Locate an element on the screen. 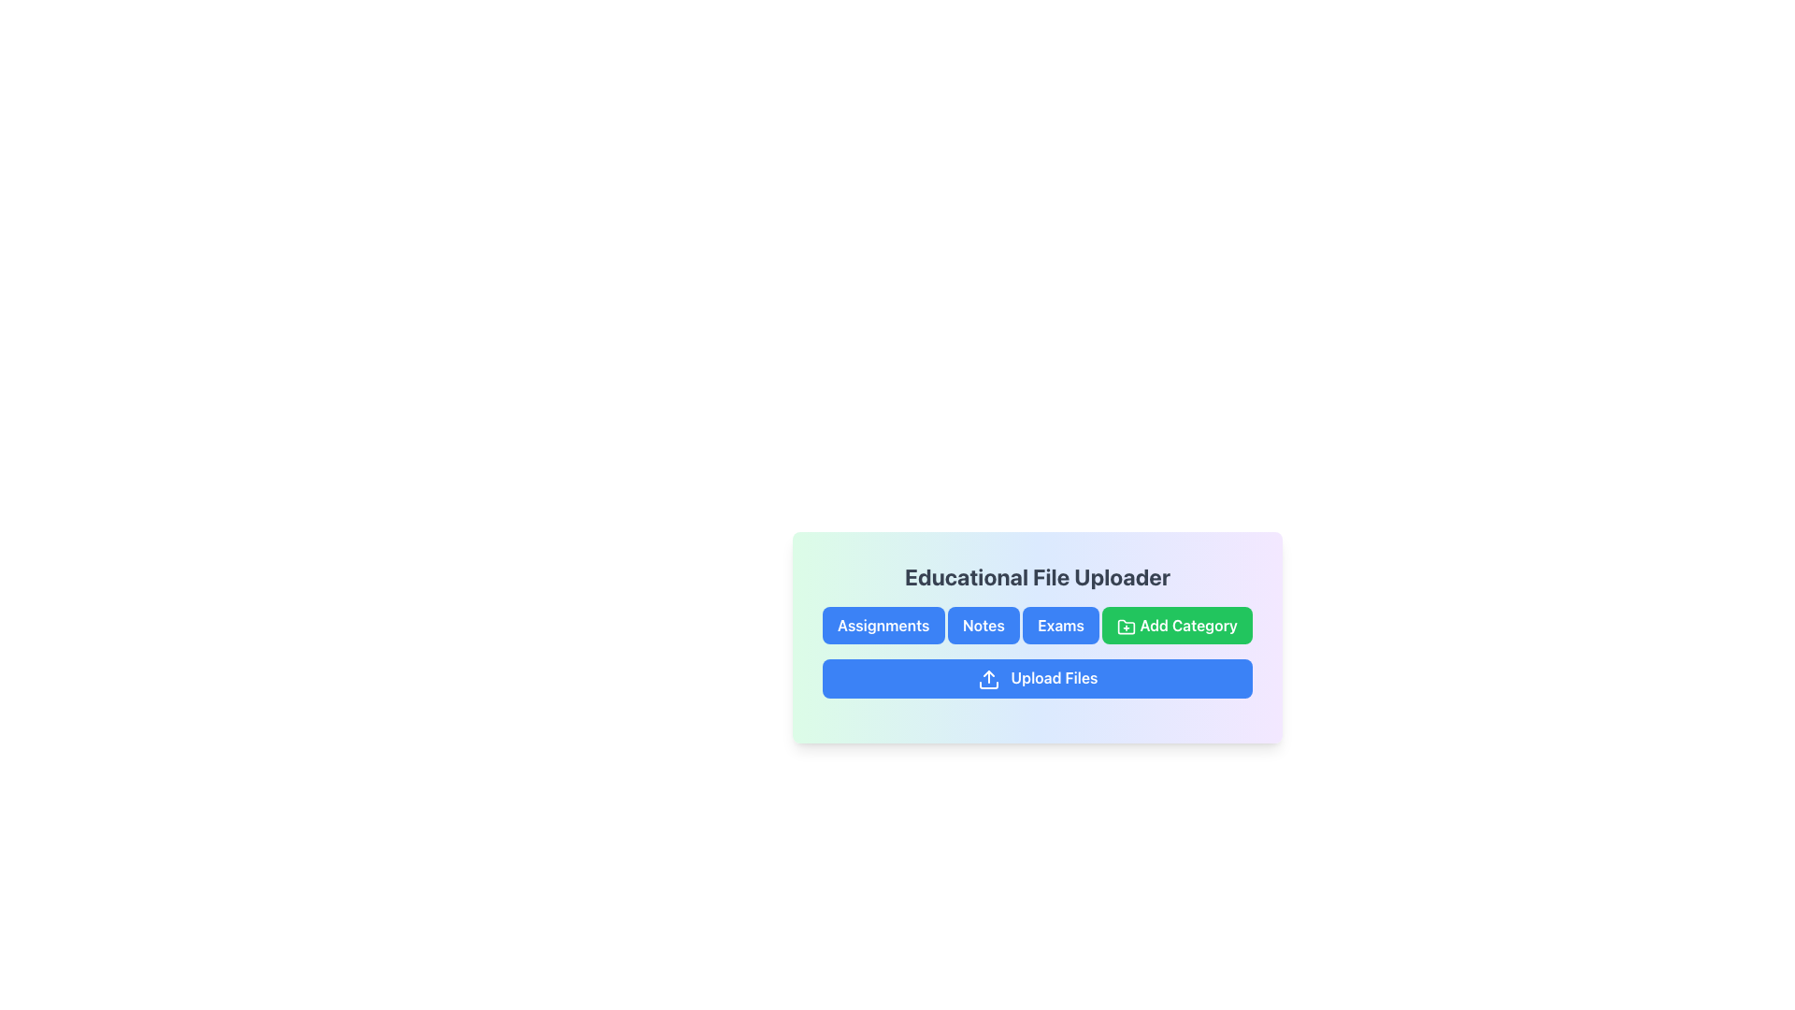  the new folder icon located to the right of the 'Assignments,' 'Notes,' and 'Exams' buttons, and adjacent to the 'Add Category' green button in the interface header is located at coordinates (1126, 627).